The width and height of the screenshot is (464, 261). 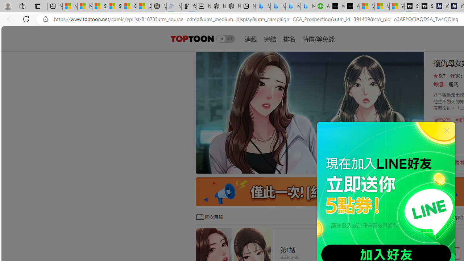 What do you see at coordinates (114, 6) in the screenshot?
I see `'Shanghai, China weather forecast | Microsoft Weather'` at bounding box center [114, 6].